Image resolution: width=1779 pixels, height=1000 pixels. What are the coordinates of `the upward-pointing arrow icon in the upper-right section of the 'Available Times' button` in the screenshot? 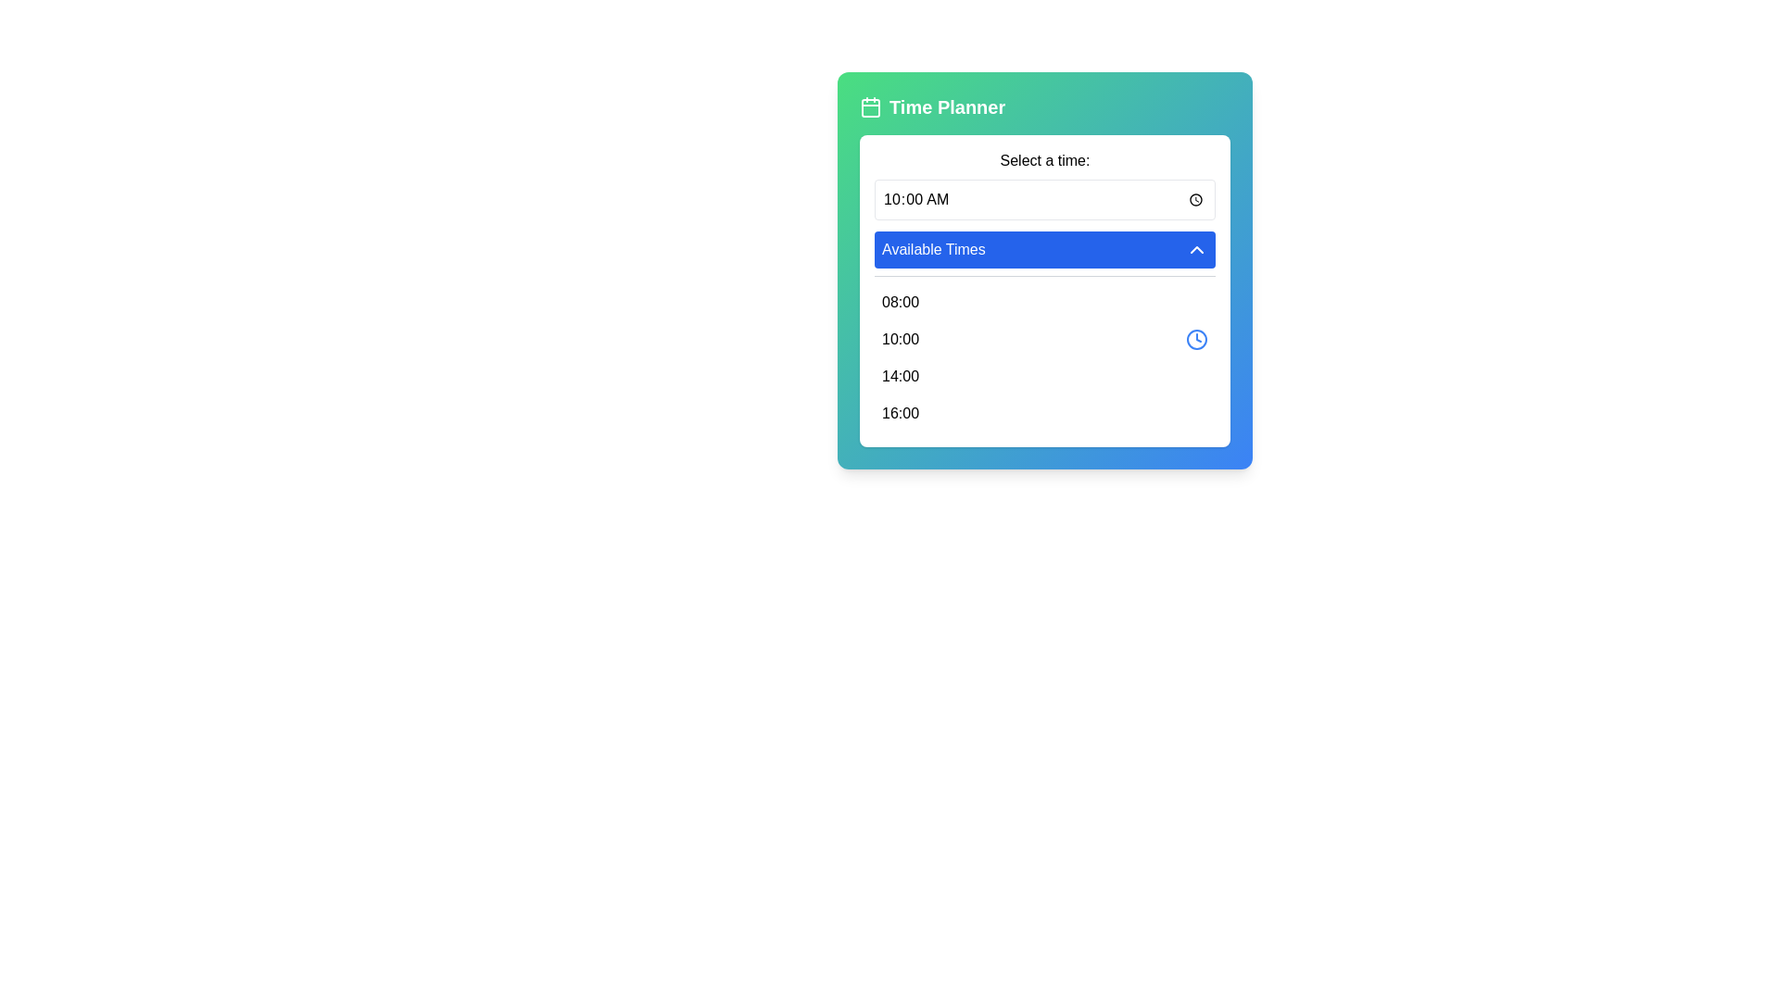 It's located at (1196, 250).